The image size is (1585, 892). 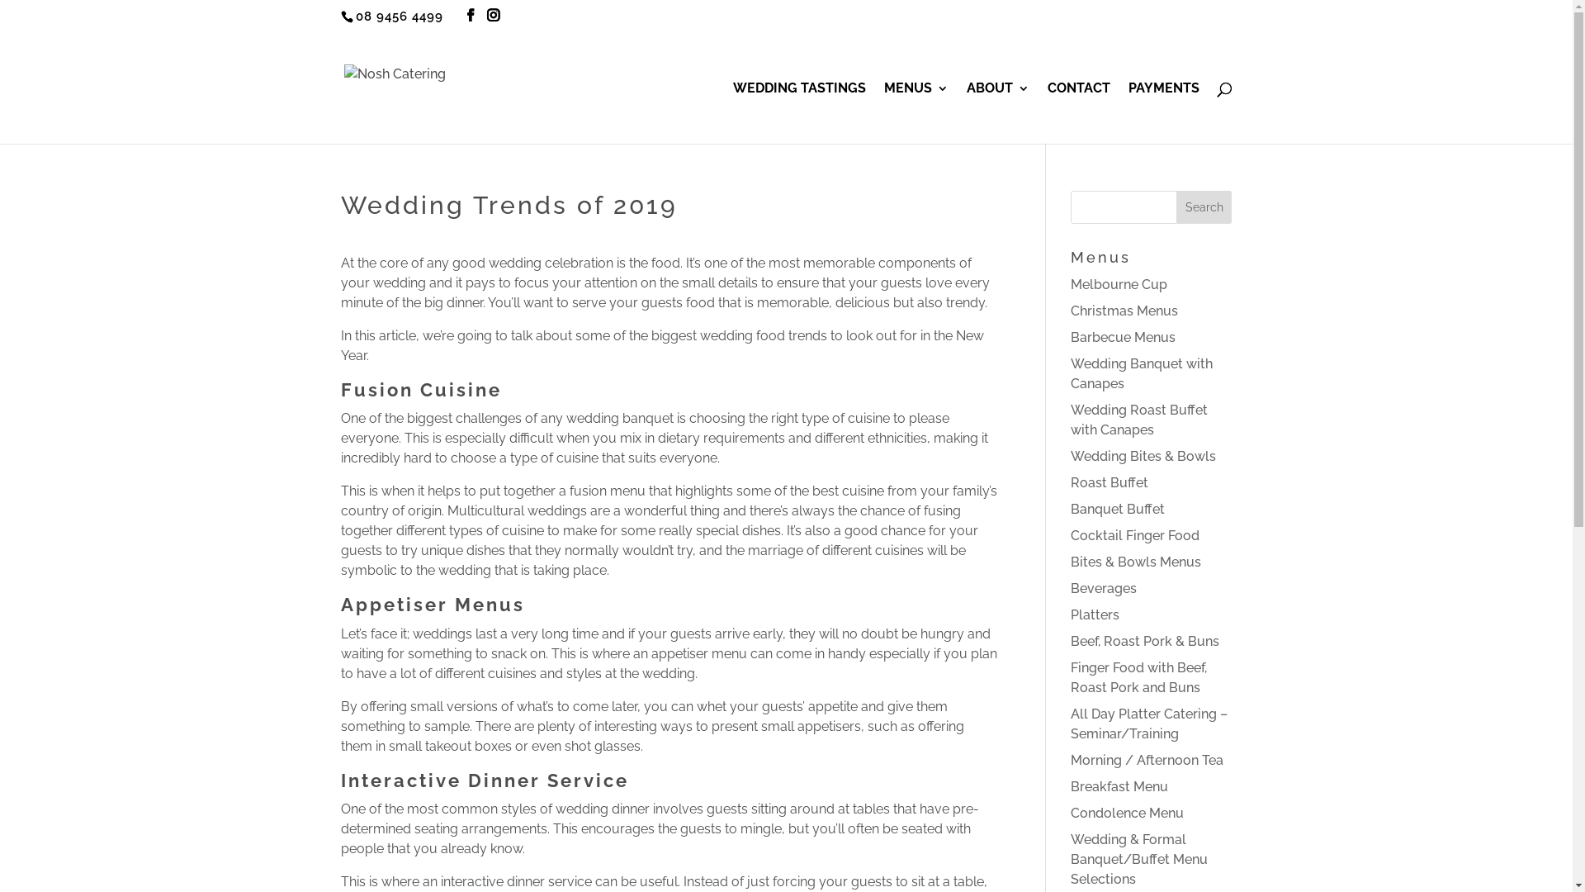 I want to click on 'Melbourne Cup', so click(x=1119, y=283).